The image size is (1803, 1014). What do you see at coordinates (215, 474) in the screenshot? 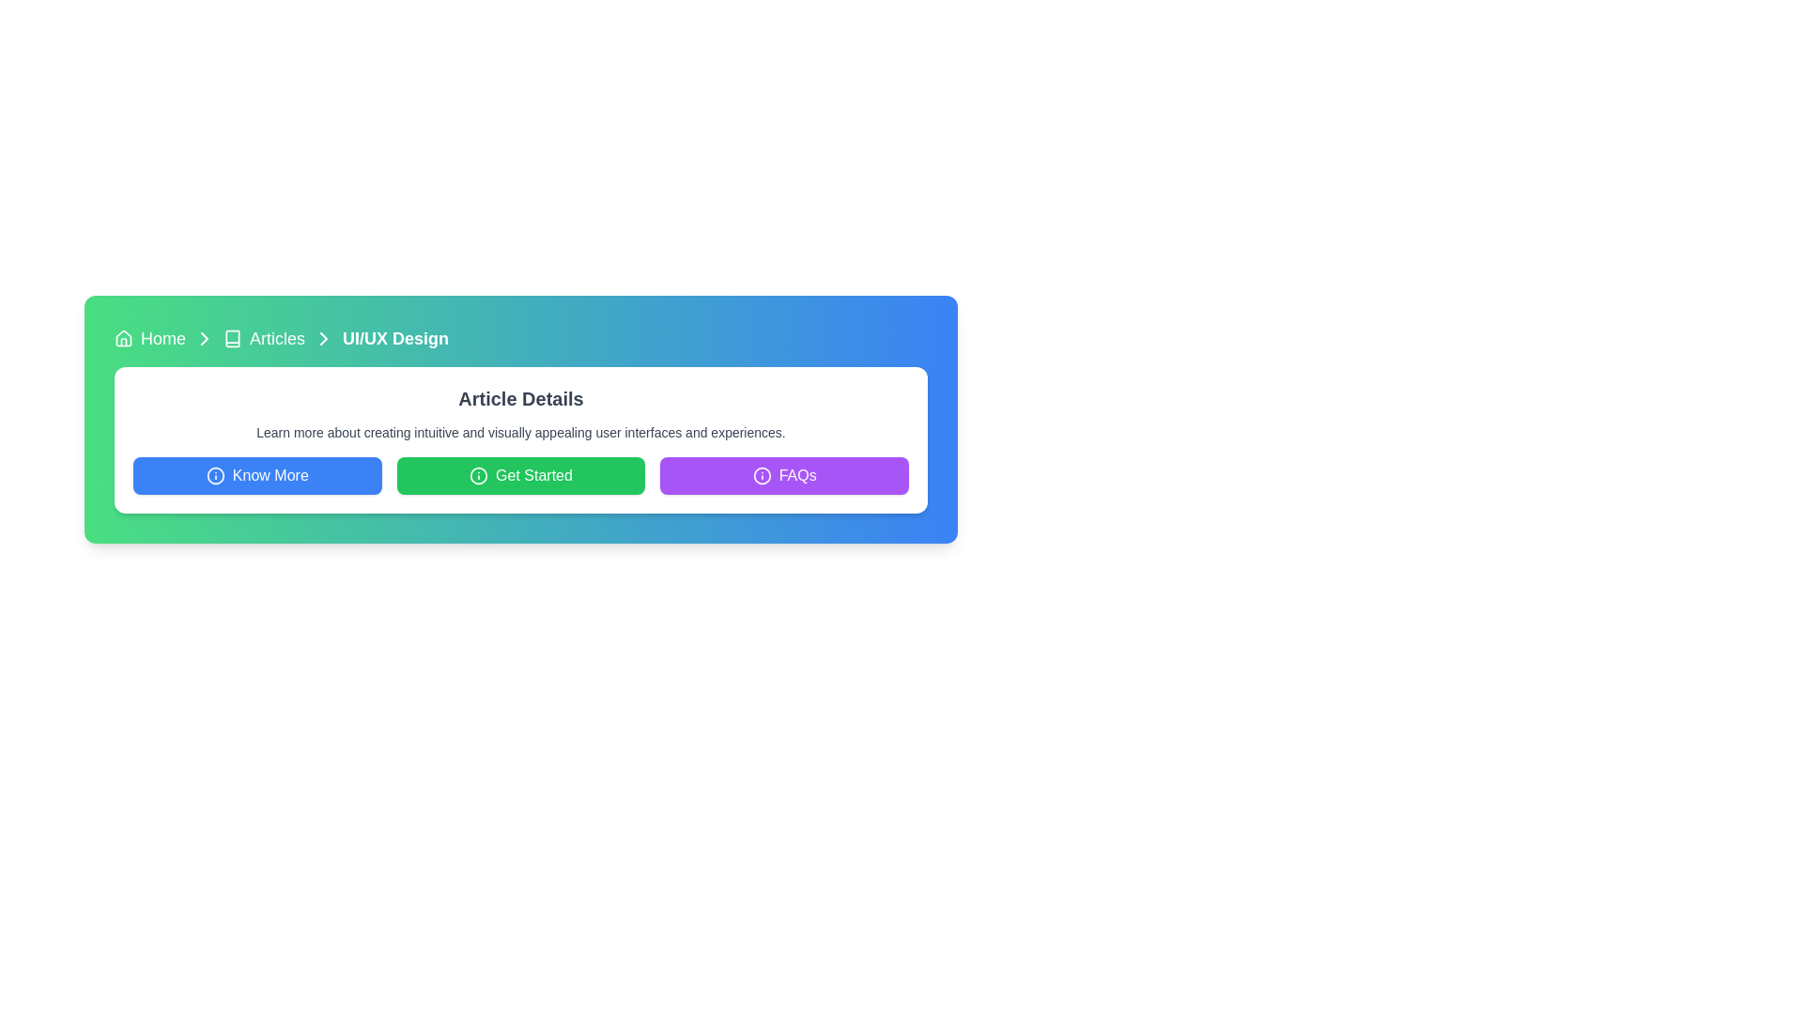
I see `the 'Know More' button that contains the circular information icon resembling the letter 'i' on the left side` at bounding box center [215, 474].